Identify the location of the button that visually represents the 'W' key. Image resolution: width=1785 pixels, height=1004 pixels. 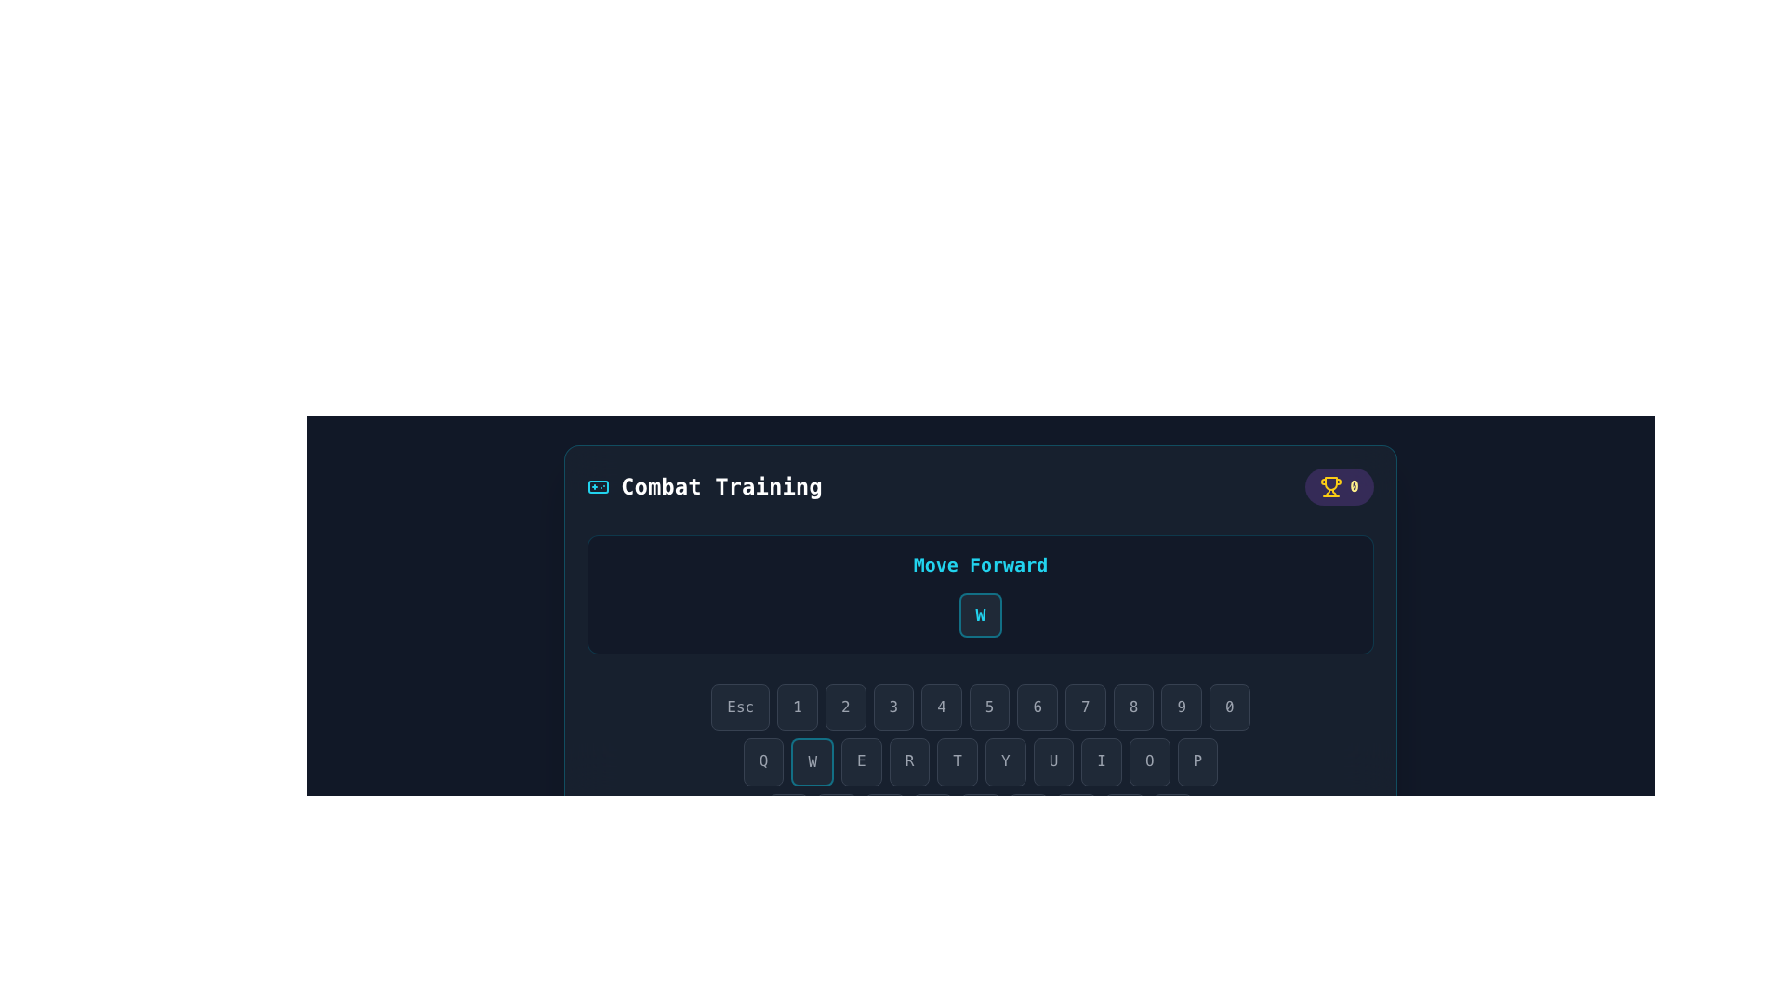
(813, 762).